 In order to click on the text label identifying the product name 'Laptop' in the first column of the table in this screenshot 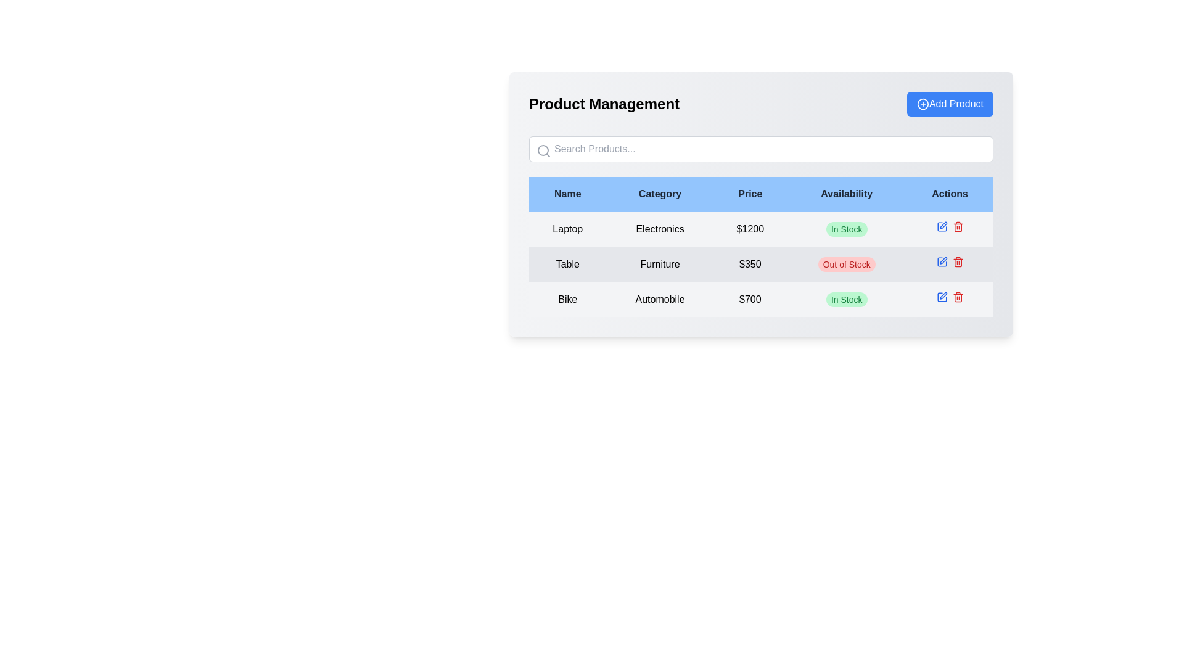, I will do `click(567, 229)`.